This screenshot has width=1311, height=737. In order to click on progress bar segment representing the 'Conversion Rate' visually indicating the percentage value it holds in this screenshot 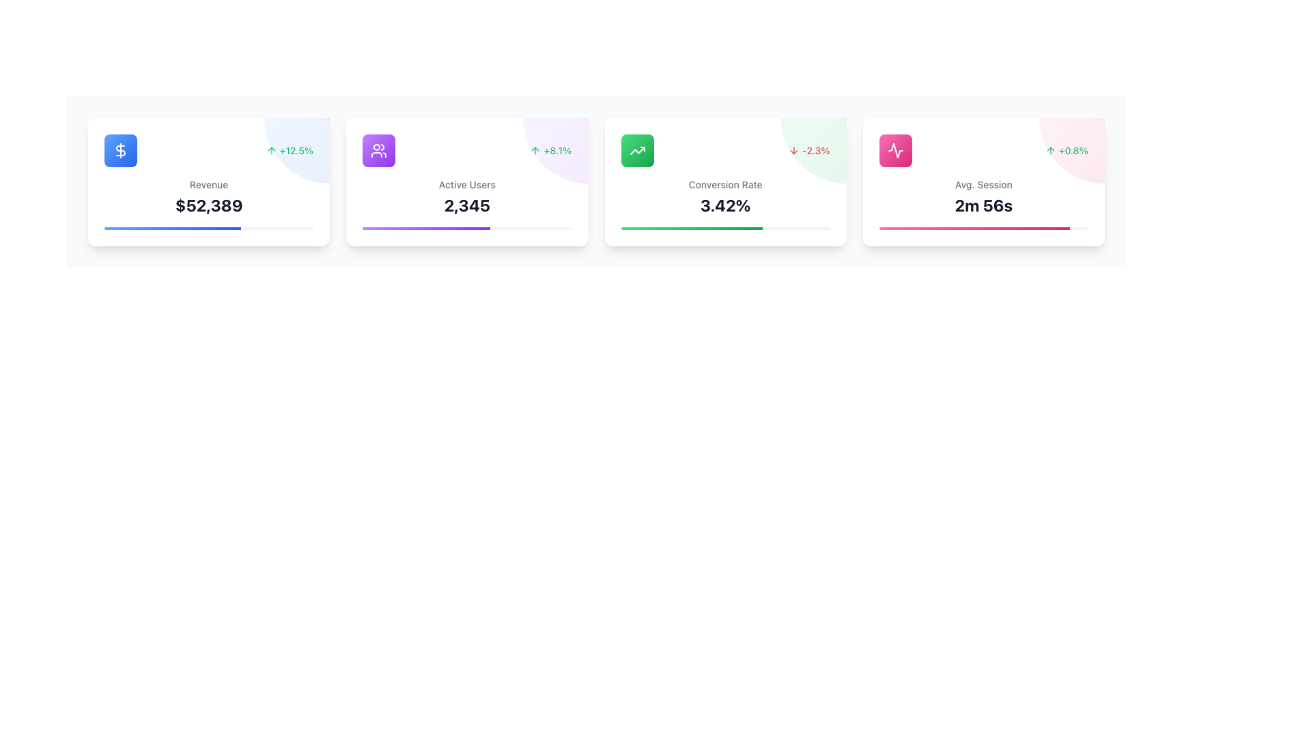, I will do `click(691, 228)`.